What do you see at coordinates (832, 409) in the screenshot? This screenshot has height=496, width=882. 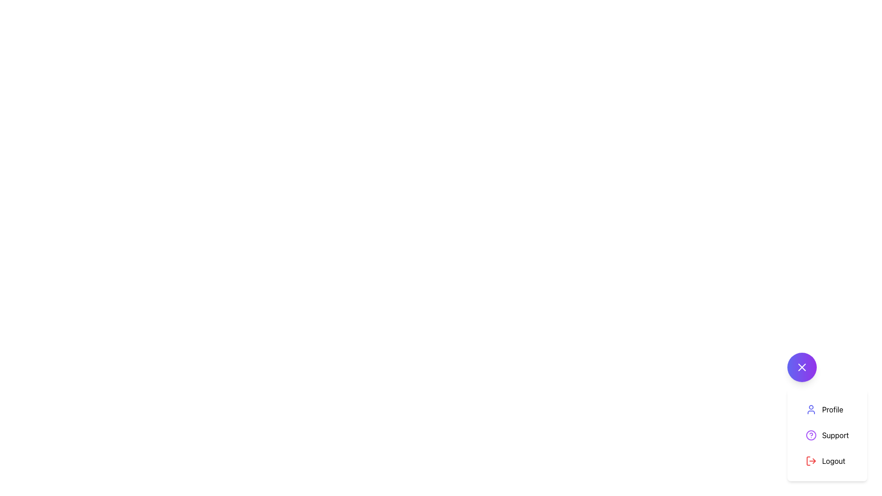 I see `the 'Profile' text label element, which is styled in a sans-serif font, black against a white background, located in the top-right corner of the user menu interface, rightmost in alignment with a user icon on the left` at bounding box center [832, 409].